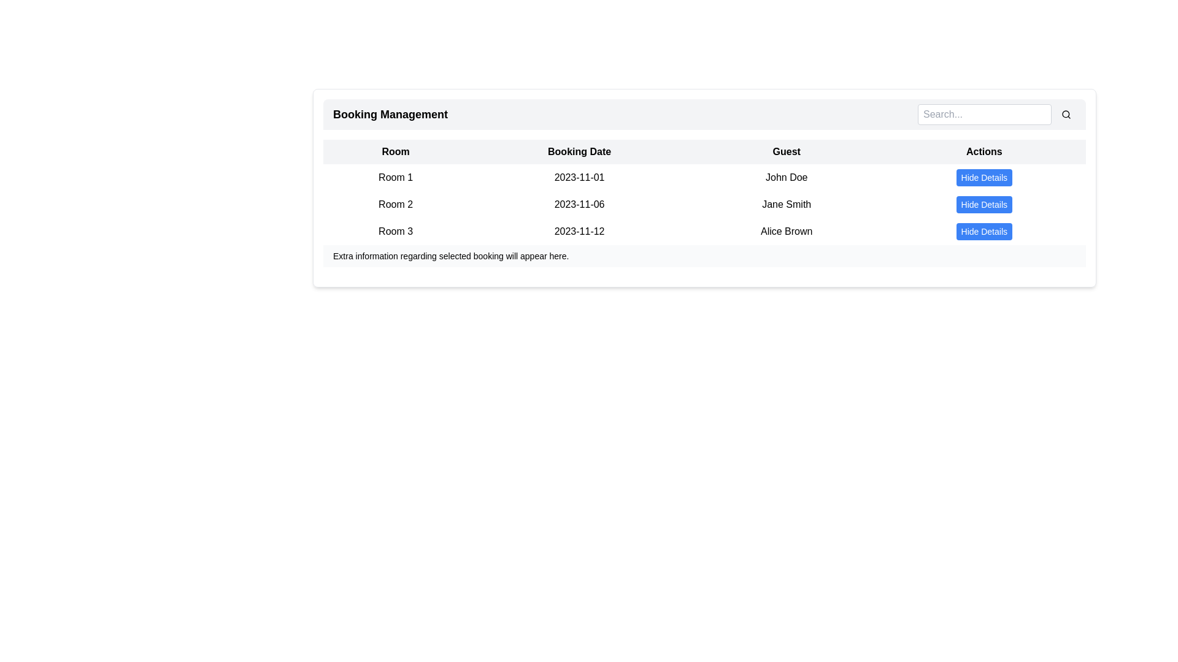 The width and height of the screenshot is (1178, 662). What do you see at coordinates (984, 204) in the screenshot?
I see `the button for toggling visibility of further details associated with the booking entry for 'Jane Smith' in the 'Actions' column of the Booking Management interface` at bounding box center [984, 204].